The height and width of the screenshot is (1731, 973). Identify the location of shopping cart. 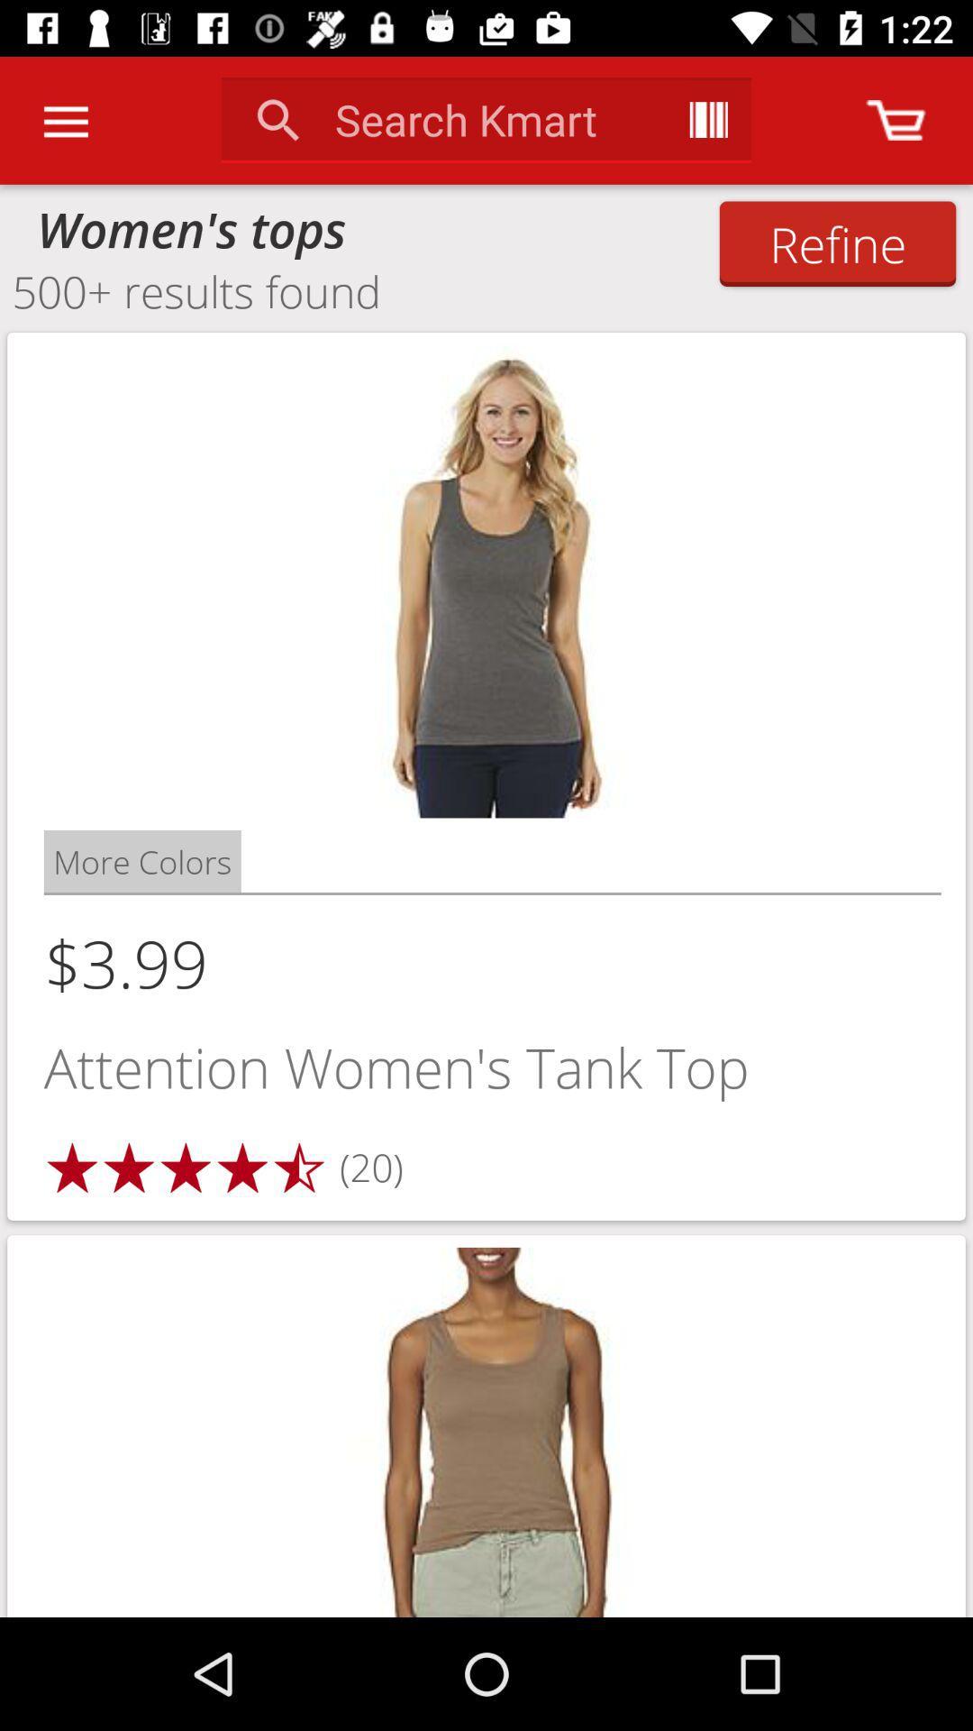
(896, 119).